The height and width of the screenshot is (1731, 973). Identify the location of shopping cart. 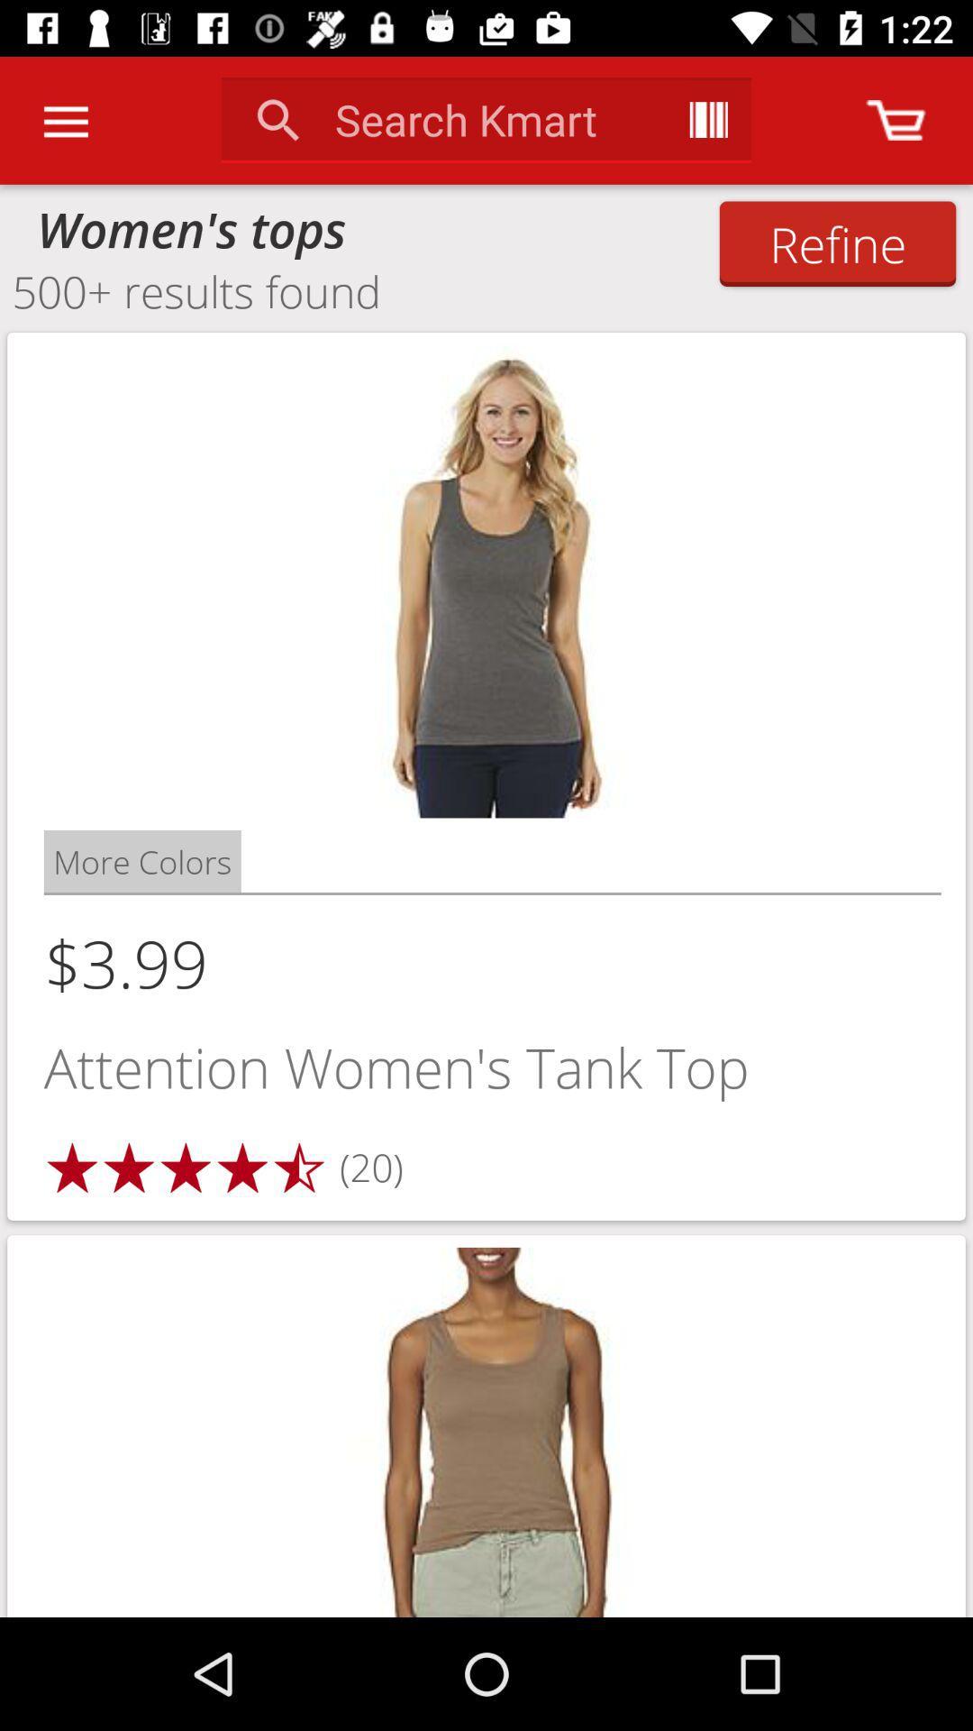
(896, 119).